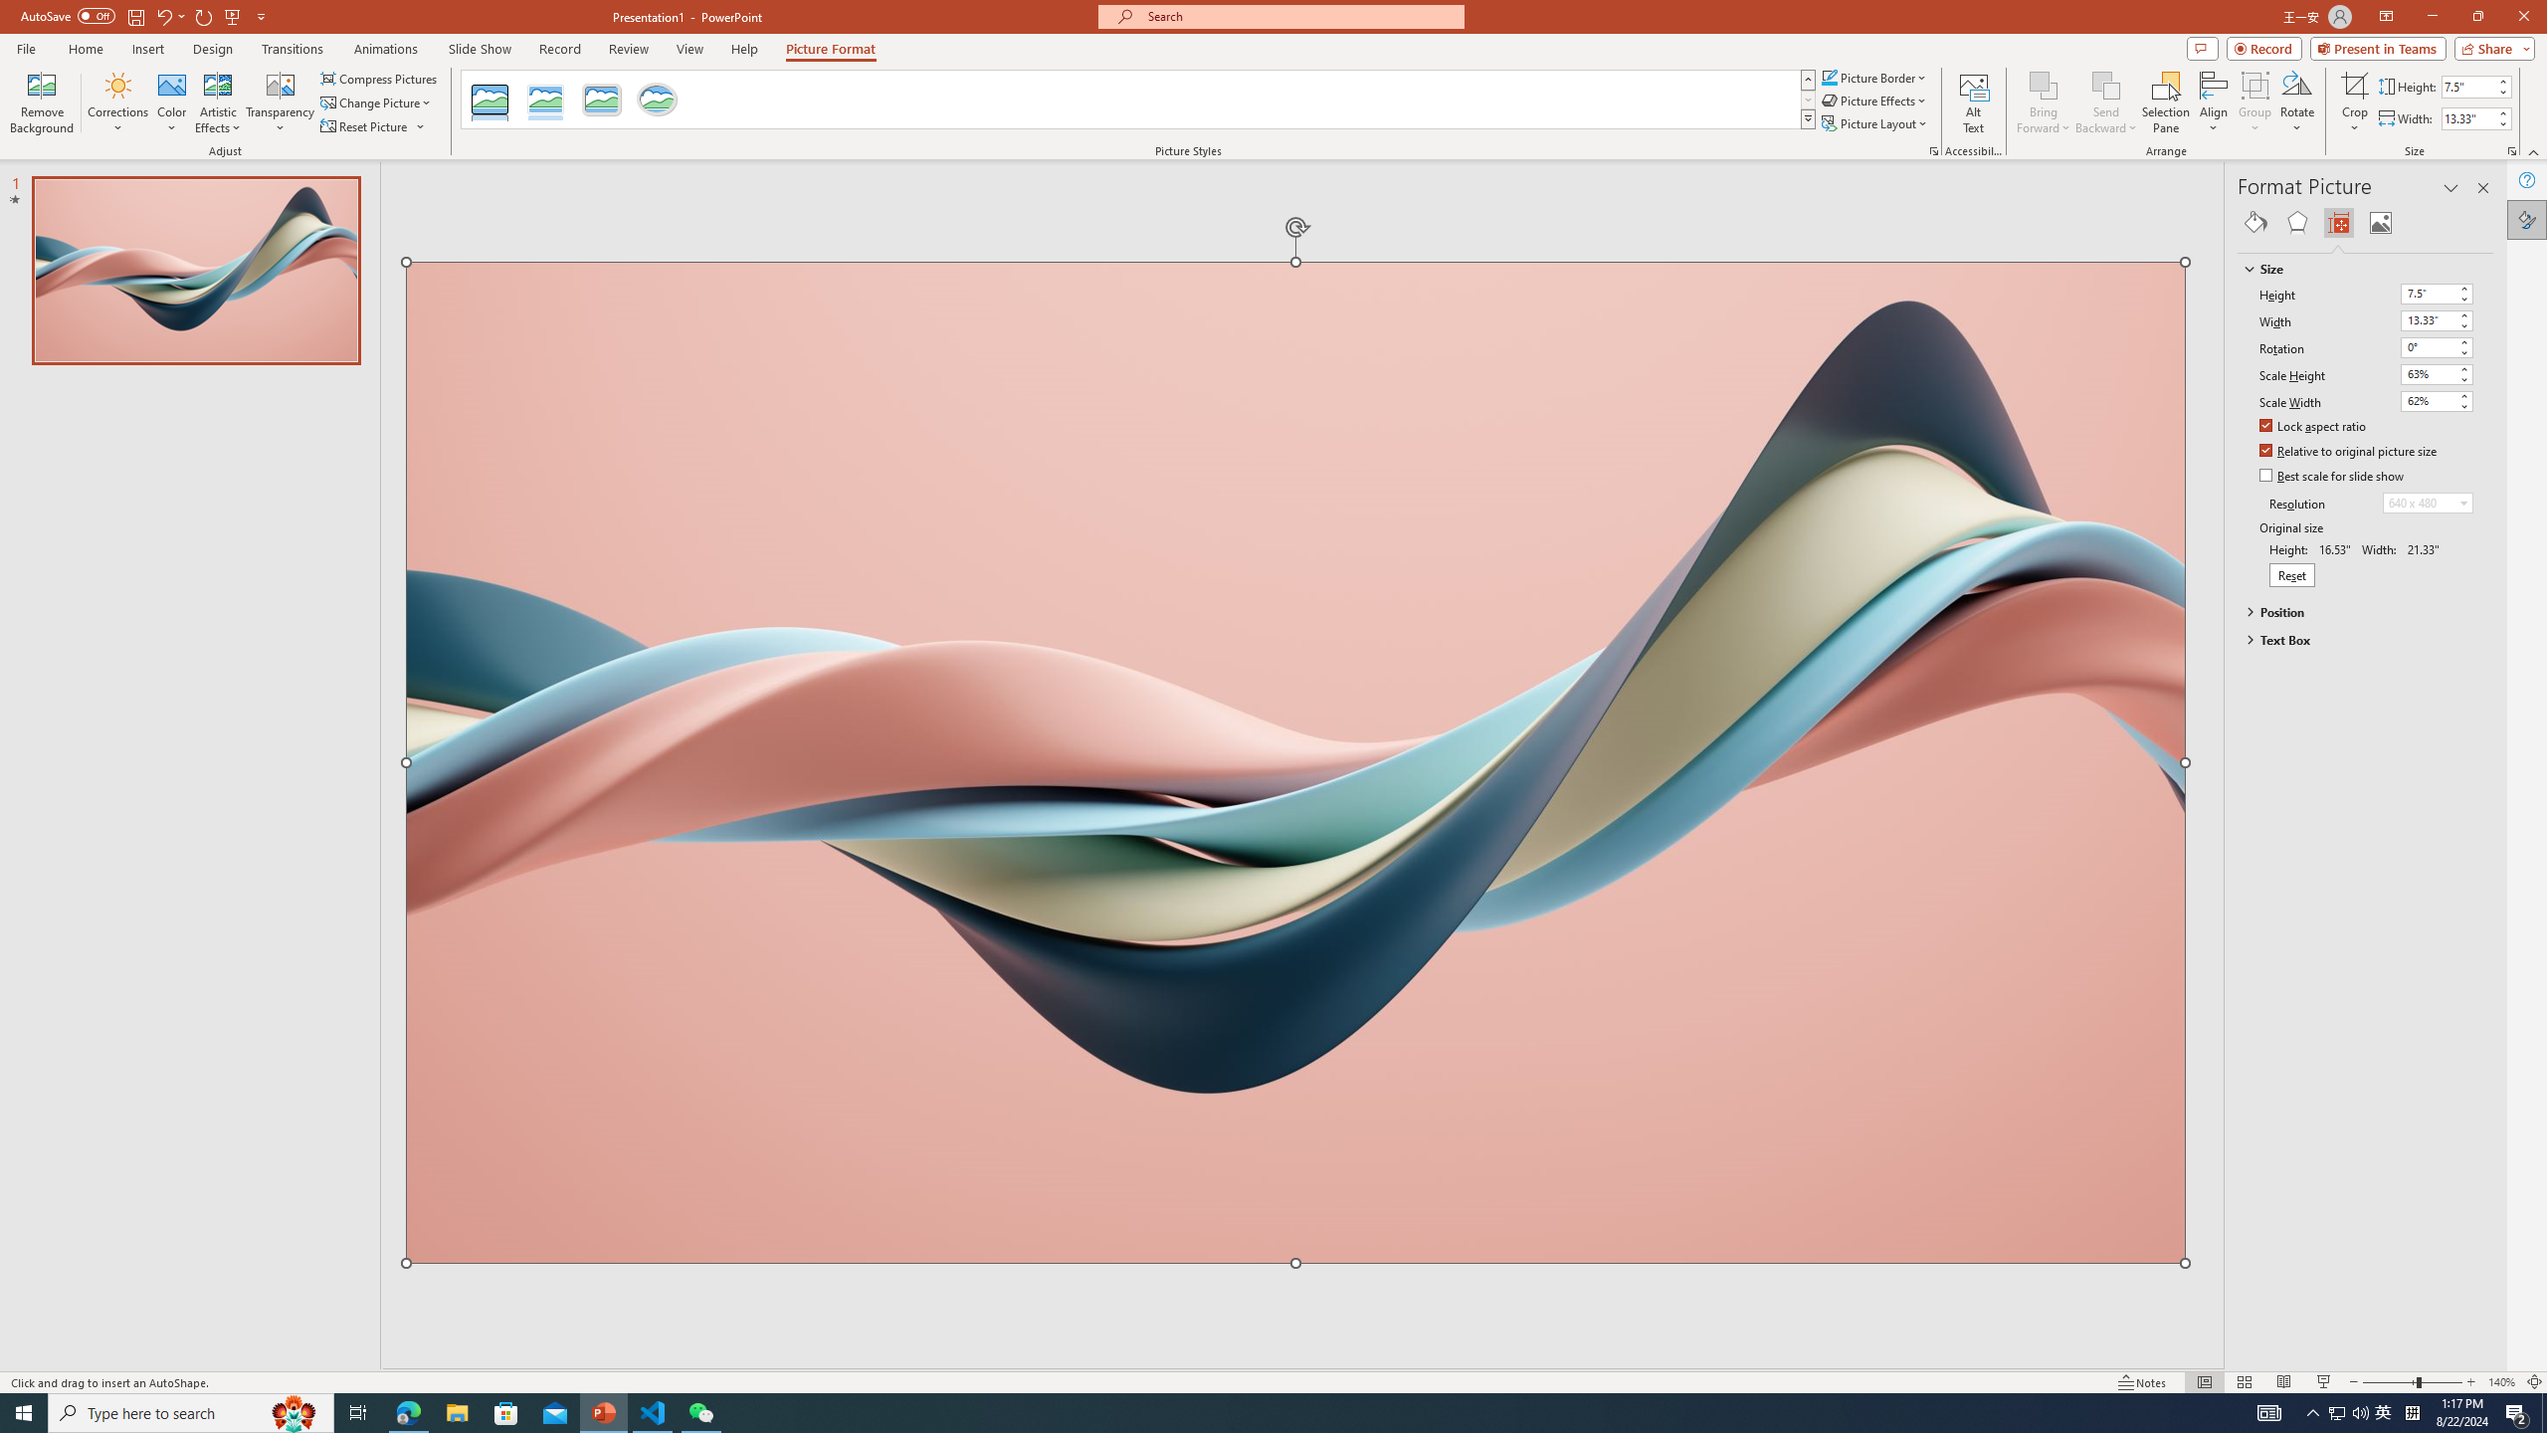 The image size is (2547, 1433). What do you see at coordinates (2483, 804) in the screenshot?
I see `'Class: NetUIScrollBar'` at bounding box center [2483, 804].